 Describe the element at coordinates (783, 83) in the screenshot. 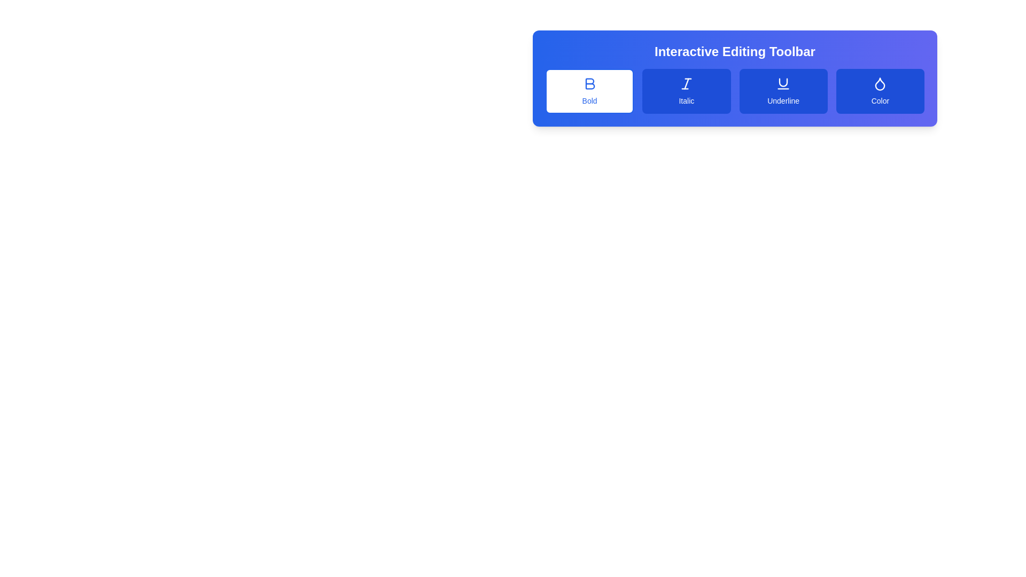

I see `the underline formatting icon located within the 'Underline' button of the 'Interactive Editing Toolbar'` at that location.